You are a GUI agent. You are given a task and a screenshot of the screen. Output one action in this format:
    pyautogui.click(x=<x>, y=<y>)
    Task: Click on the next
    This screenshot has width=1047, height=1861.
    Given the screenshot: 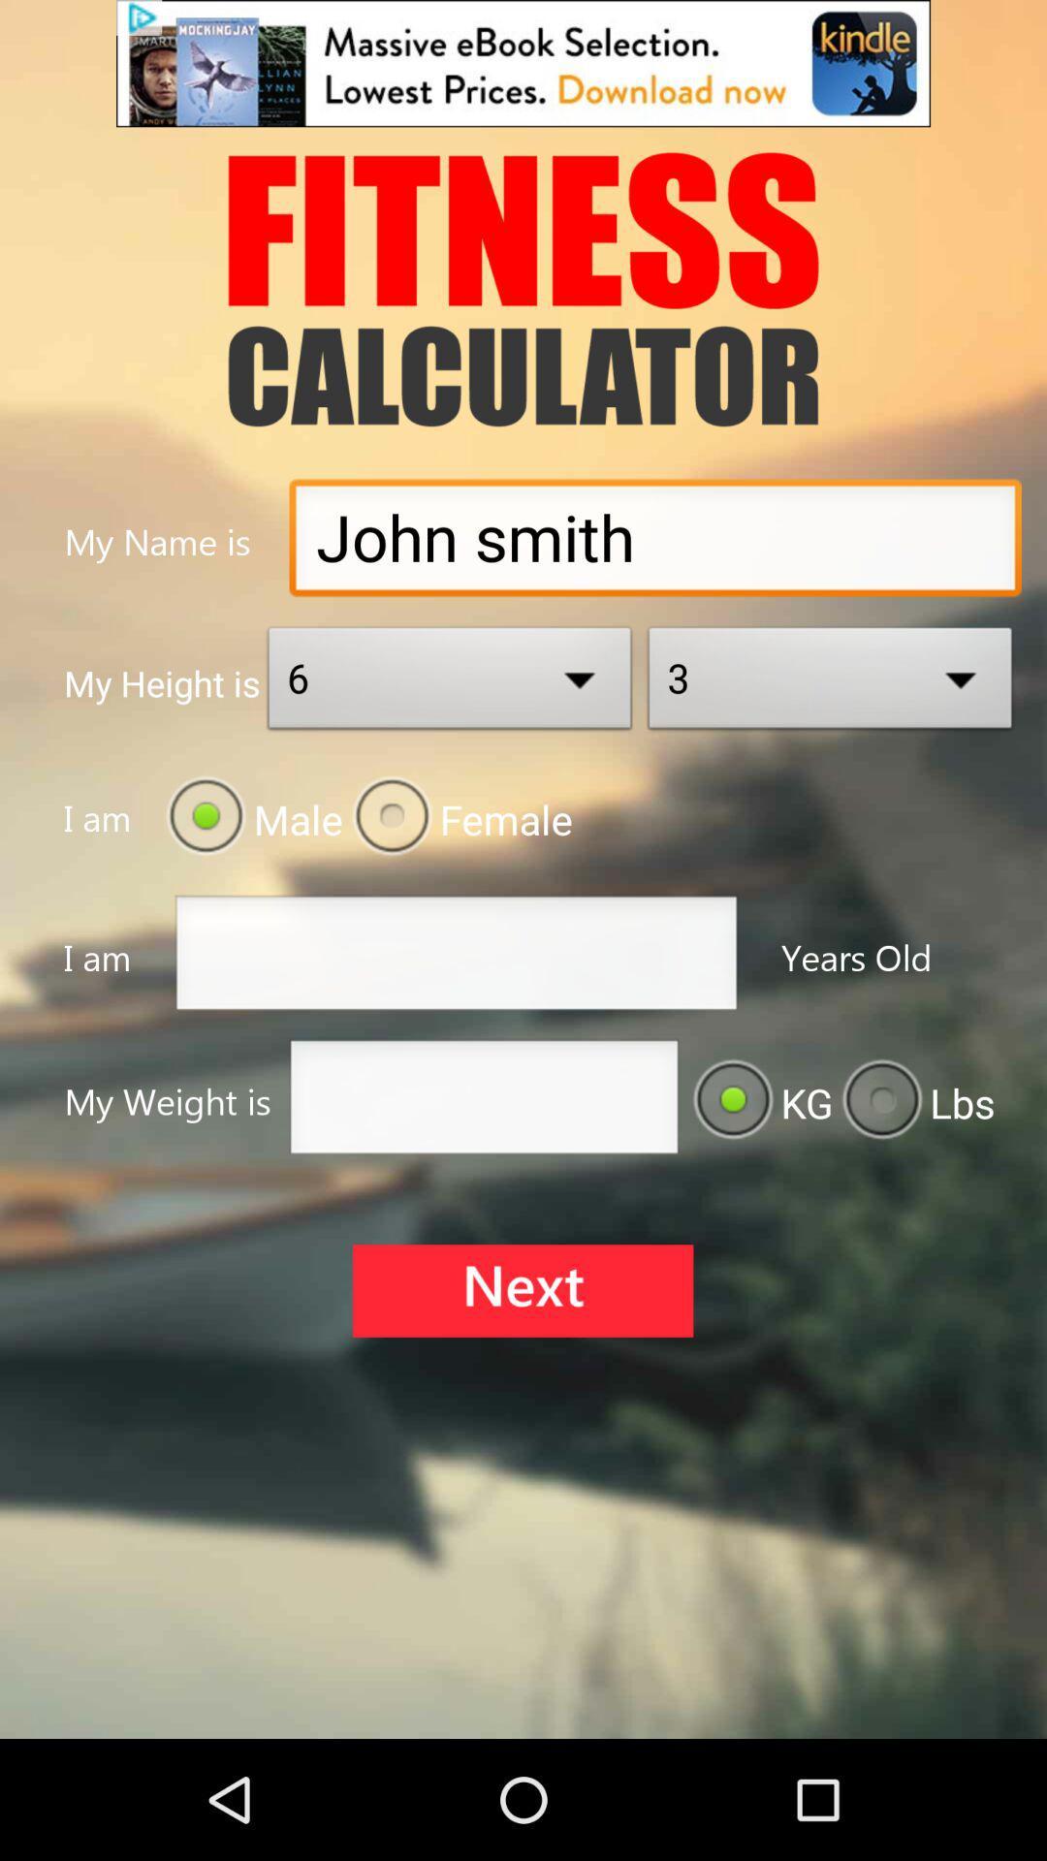 What is the action you would take?
    pyautogui.click(x=522, y=1290)
    